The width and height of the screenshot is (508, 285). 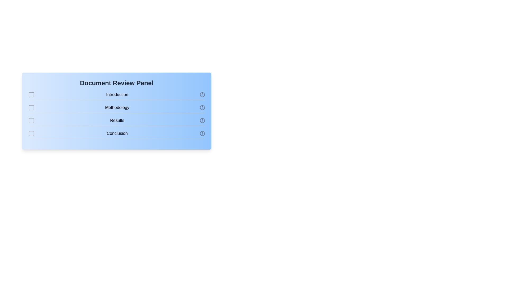 What do you see at coordinates (116, 96) in the screenshot?
I see `the section name Introduction to toggle its selection state` at bounding box center [116, 96].